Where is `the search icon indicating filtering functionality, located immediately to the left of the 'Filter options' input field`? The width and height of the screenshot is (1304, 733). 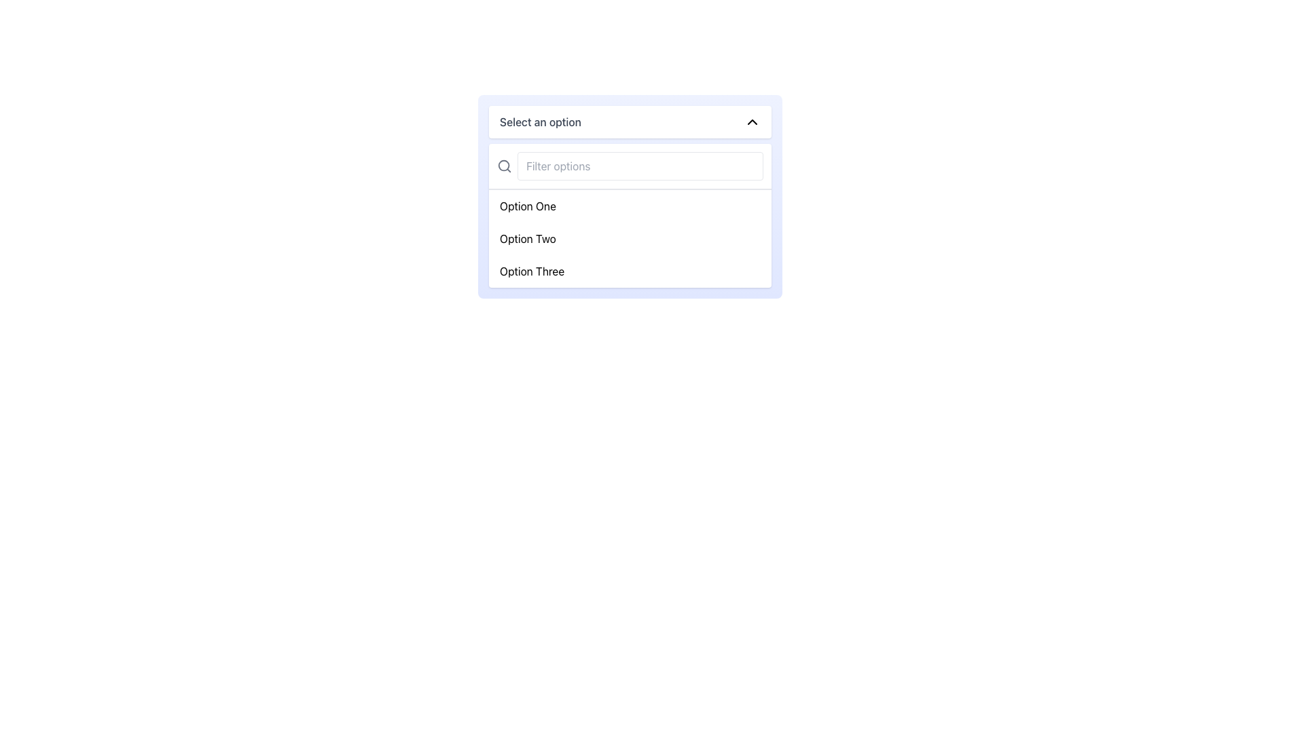
the search icon indicating filtering functionality, located immediately to the left of the 'Filter options' input field is located at coordinates (504, 166).